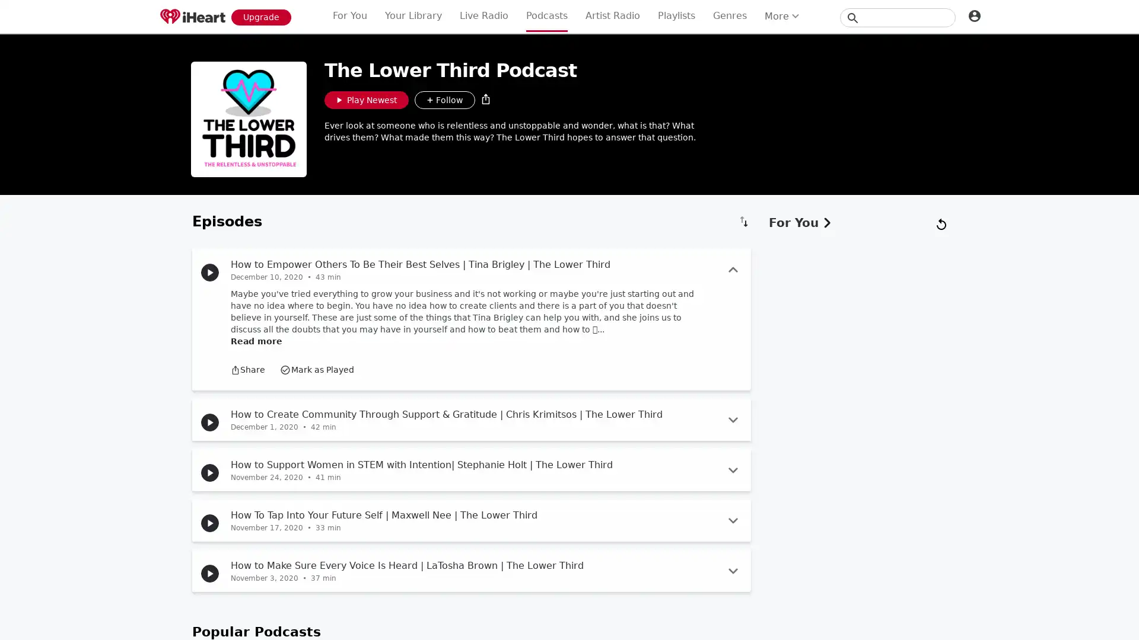 This screenshot has width=1139, height=640. I want to click on See More, so click(471, 623).